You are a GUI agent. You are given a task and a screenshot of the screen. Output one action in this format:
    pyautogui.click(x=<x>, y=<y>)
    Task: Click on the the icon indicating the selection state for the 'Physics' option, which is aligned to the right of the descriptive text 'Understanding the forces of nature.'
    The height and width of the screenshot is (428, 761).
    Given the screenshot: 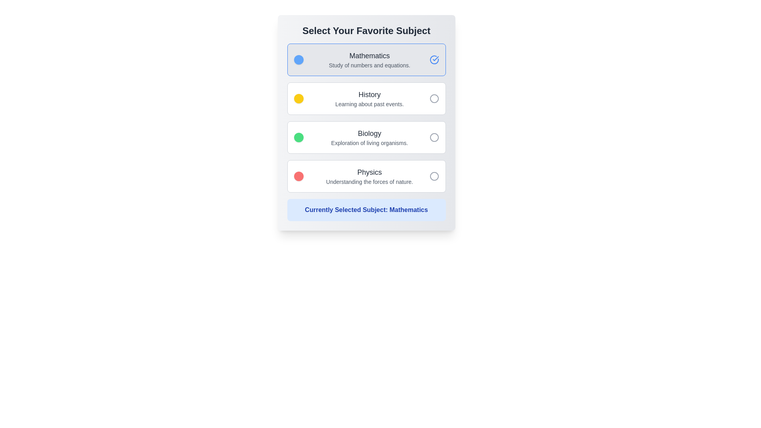 What is the action you would take?
    pyautogui.click(x=434, y=176)
    